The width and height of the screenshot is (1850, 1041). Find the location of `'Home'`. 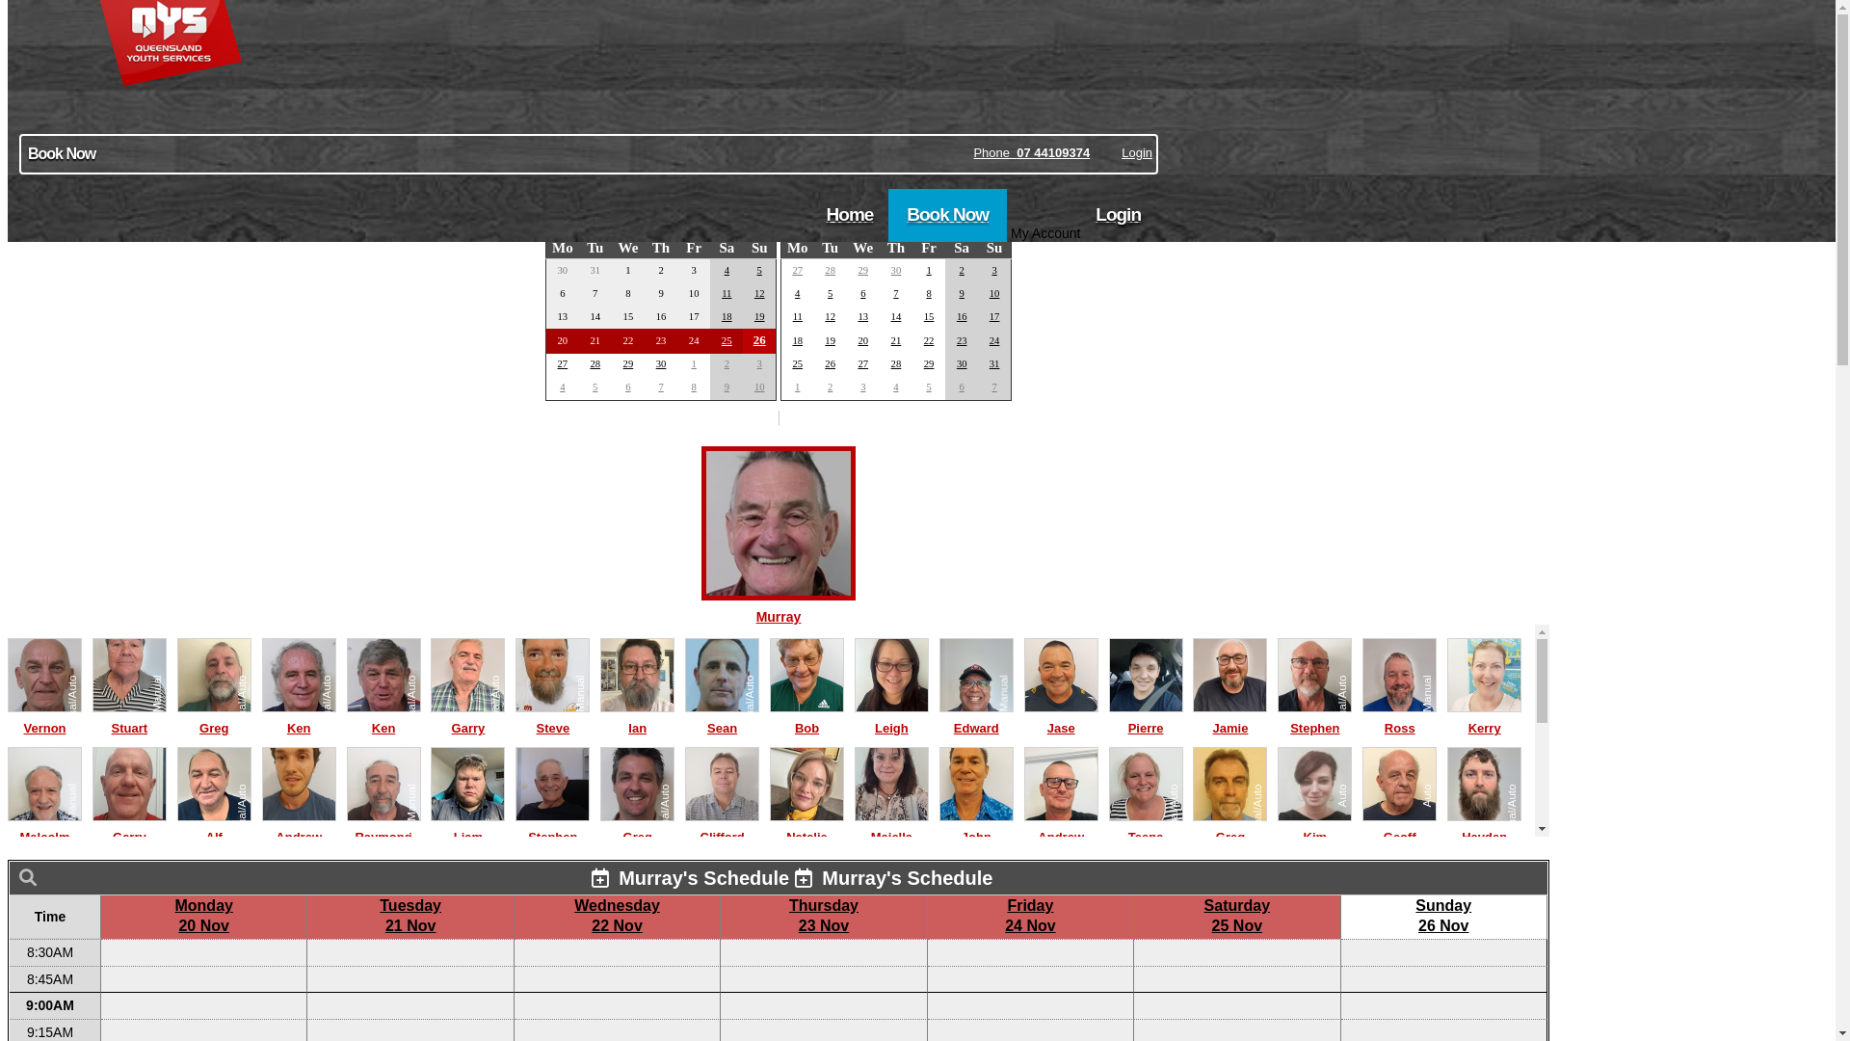

'Home' is located at coordinates (849, 215).